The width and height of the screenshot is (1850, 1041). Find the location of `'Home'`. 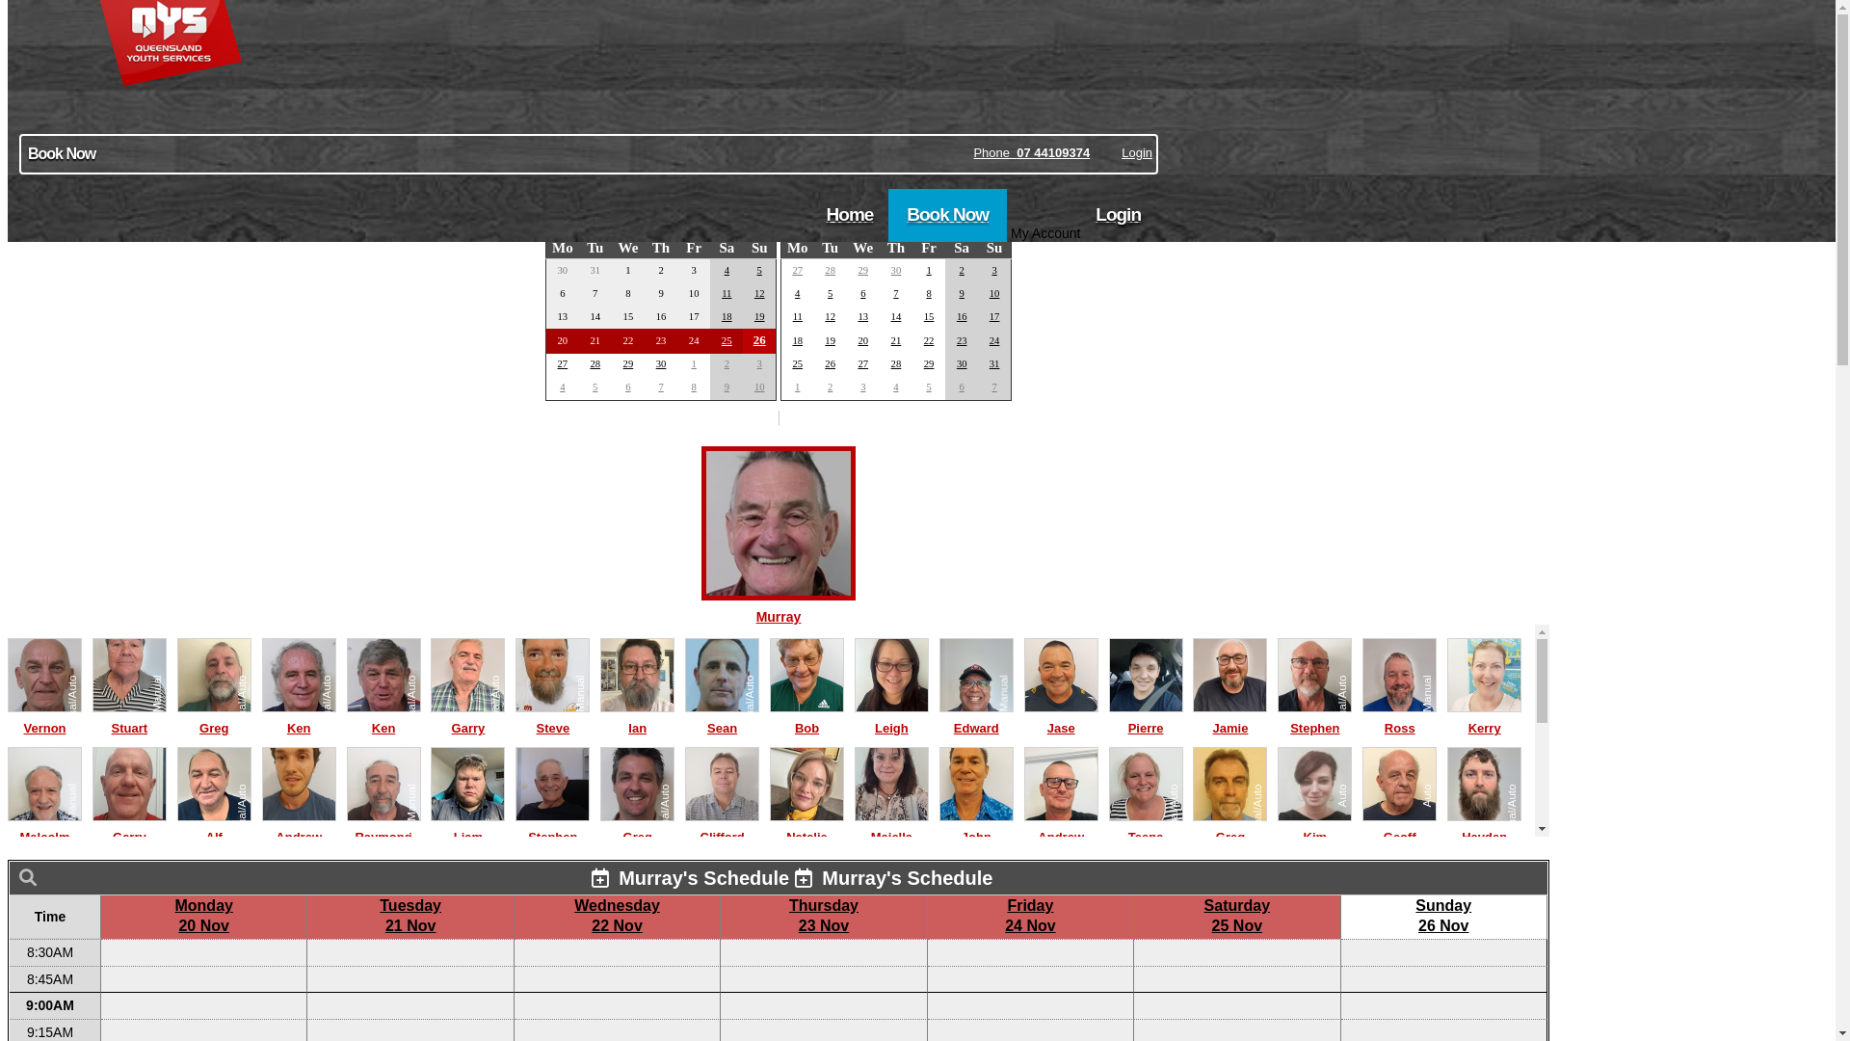

'Home' is located at coordinates (849, 215).